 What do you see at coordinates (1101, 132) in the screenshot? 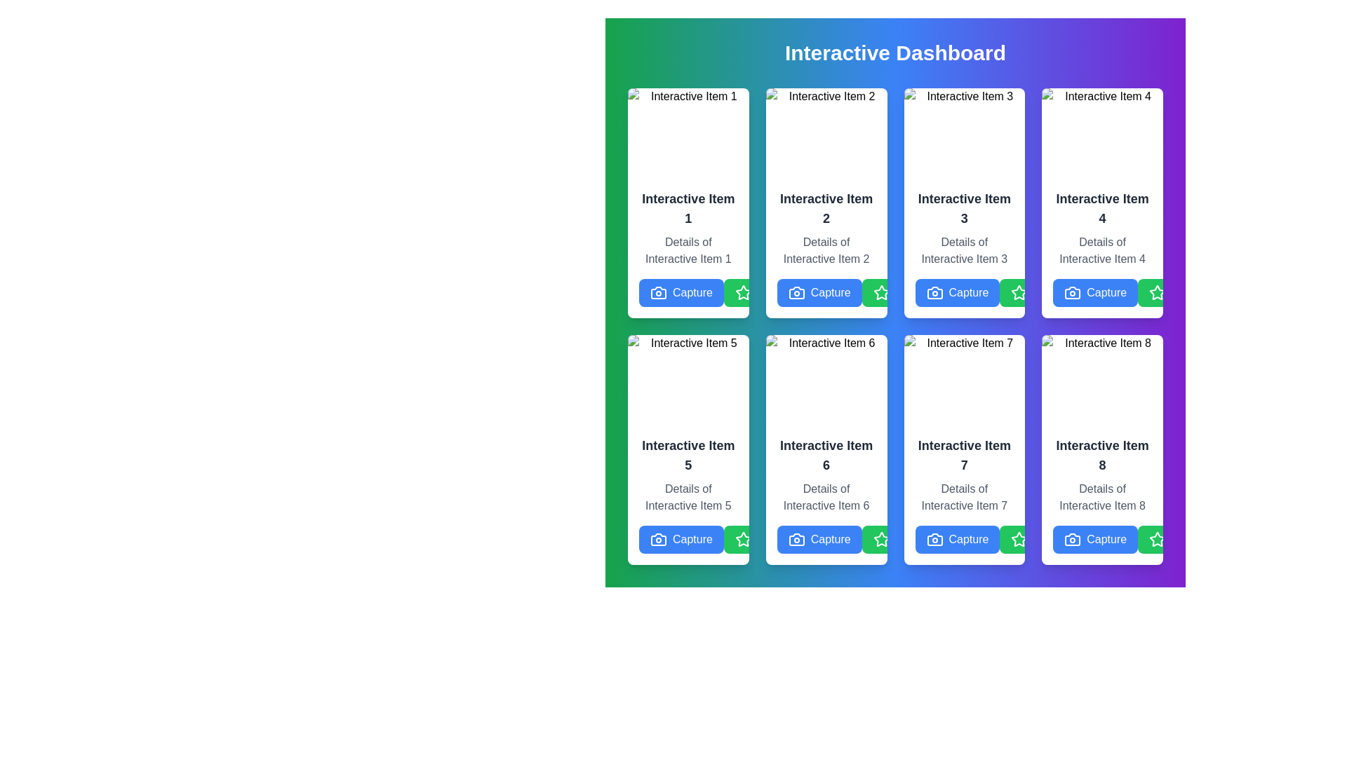
I see `the image thumbnail located at the top of the card labeled 'Interactive Item 4', which visually represents the associated content` at bounding box center [1101, 132].